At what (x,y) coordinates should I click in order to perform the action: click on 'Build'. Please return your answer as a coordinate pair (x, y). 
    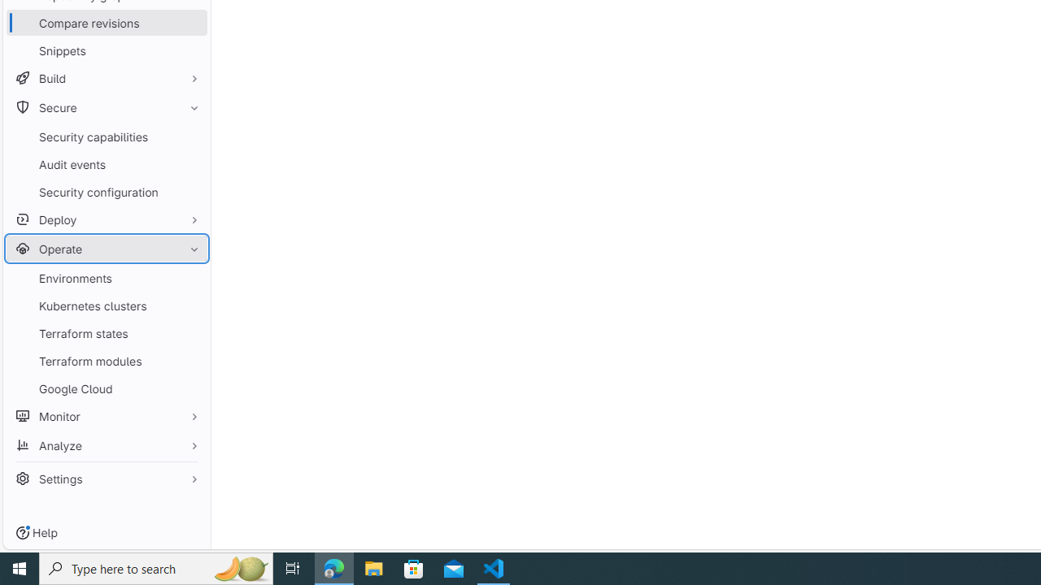
    Looking at the image, I should click on (106, 78).